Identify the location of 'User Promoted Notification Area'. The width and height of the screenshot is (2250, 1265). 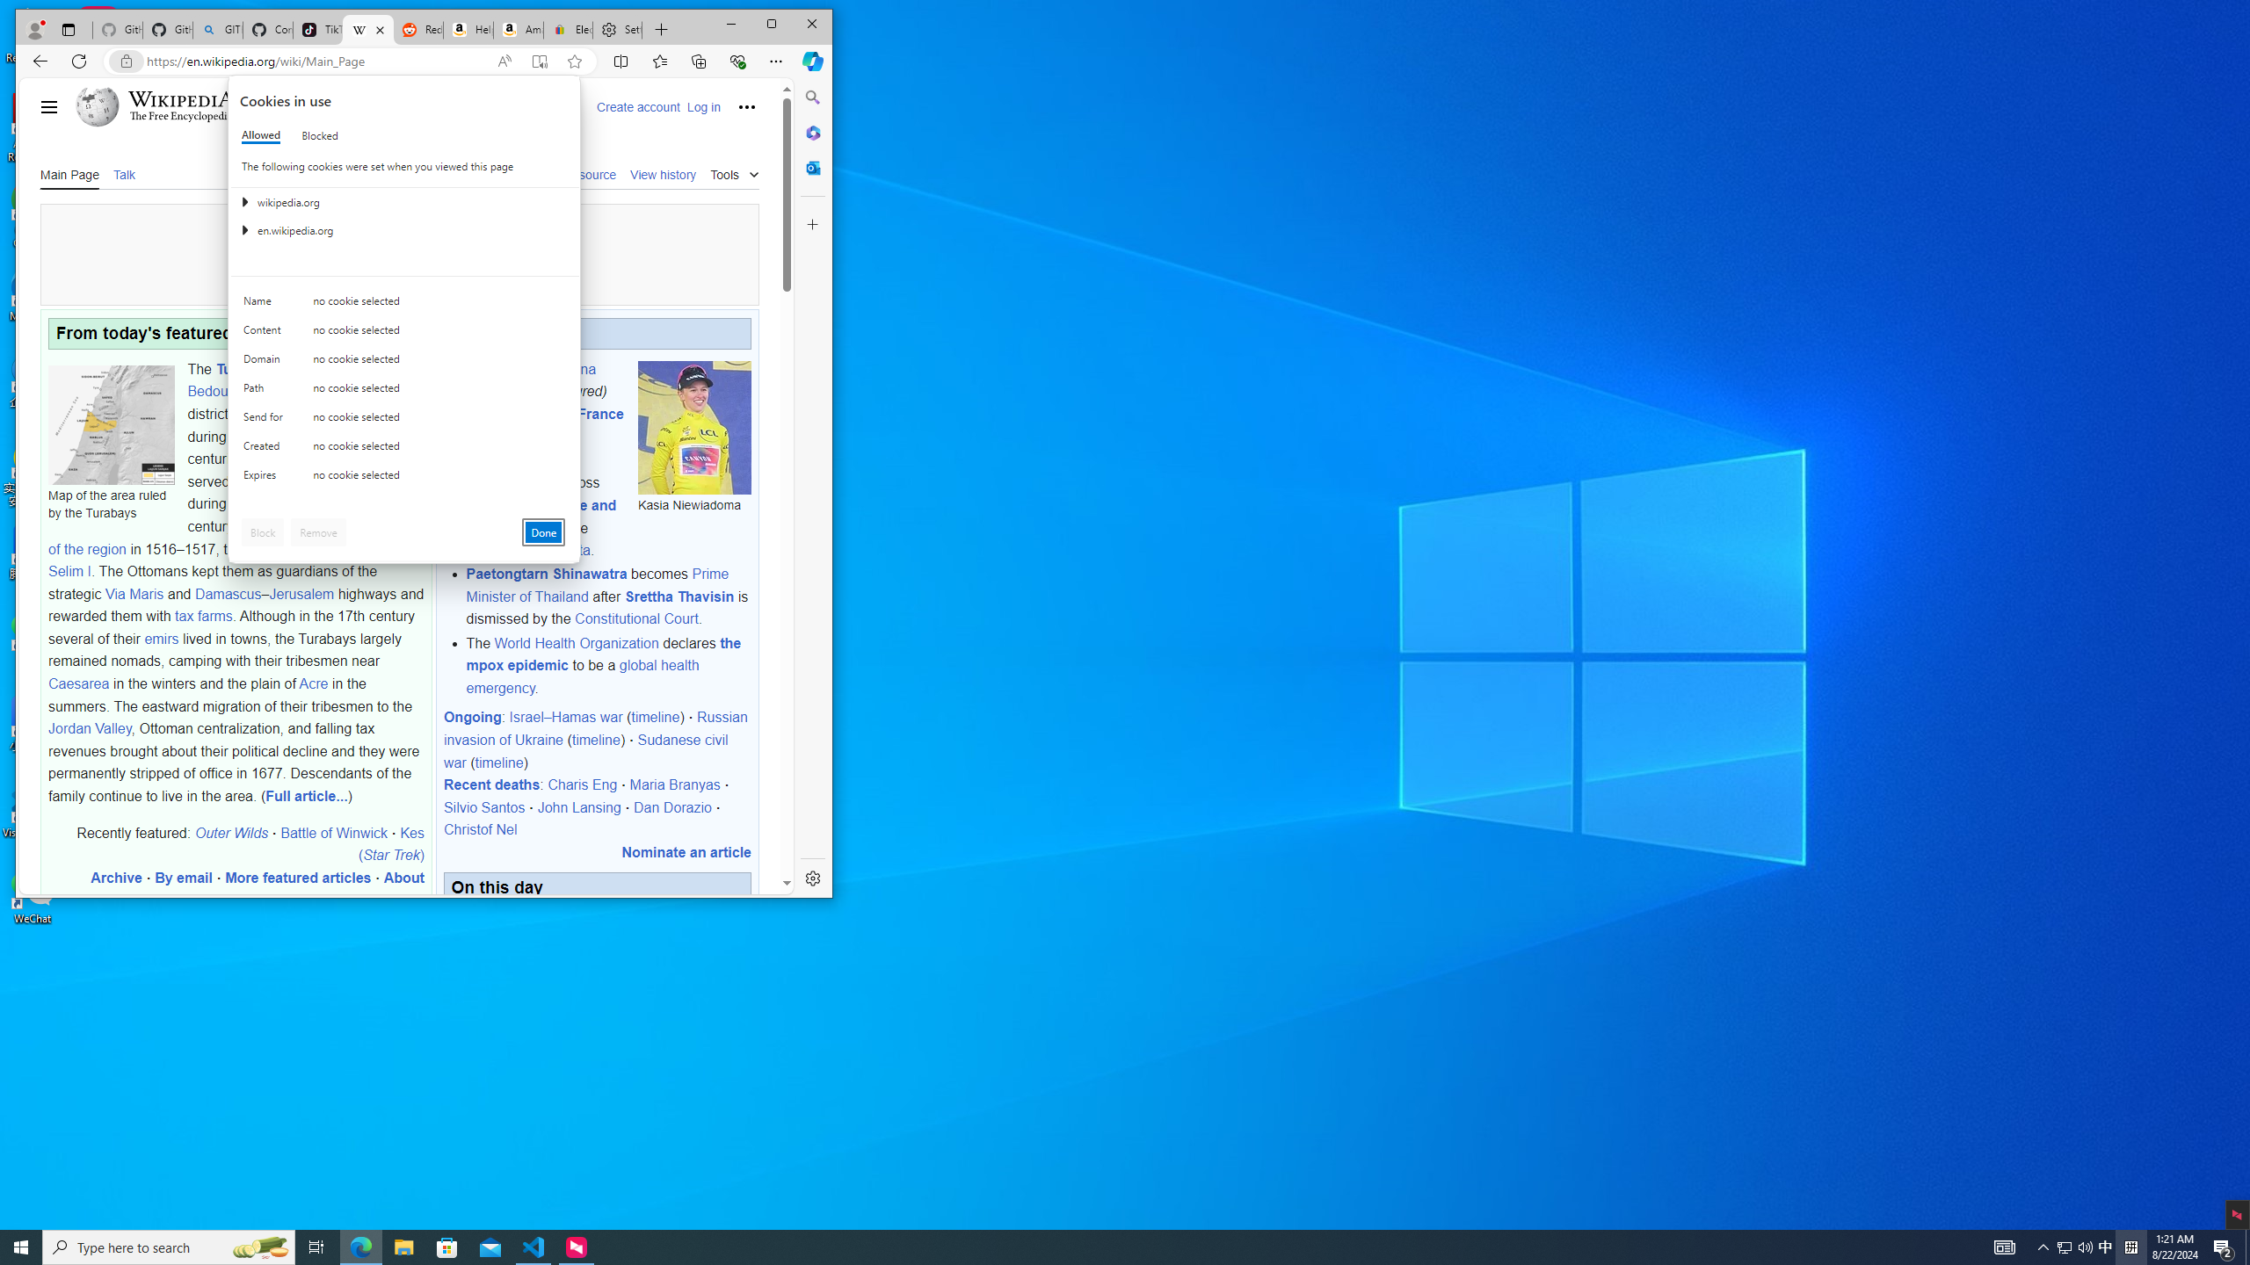
(2064, 1246).